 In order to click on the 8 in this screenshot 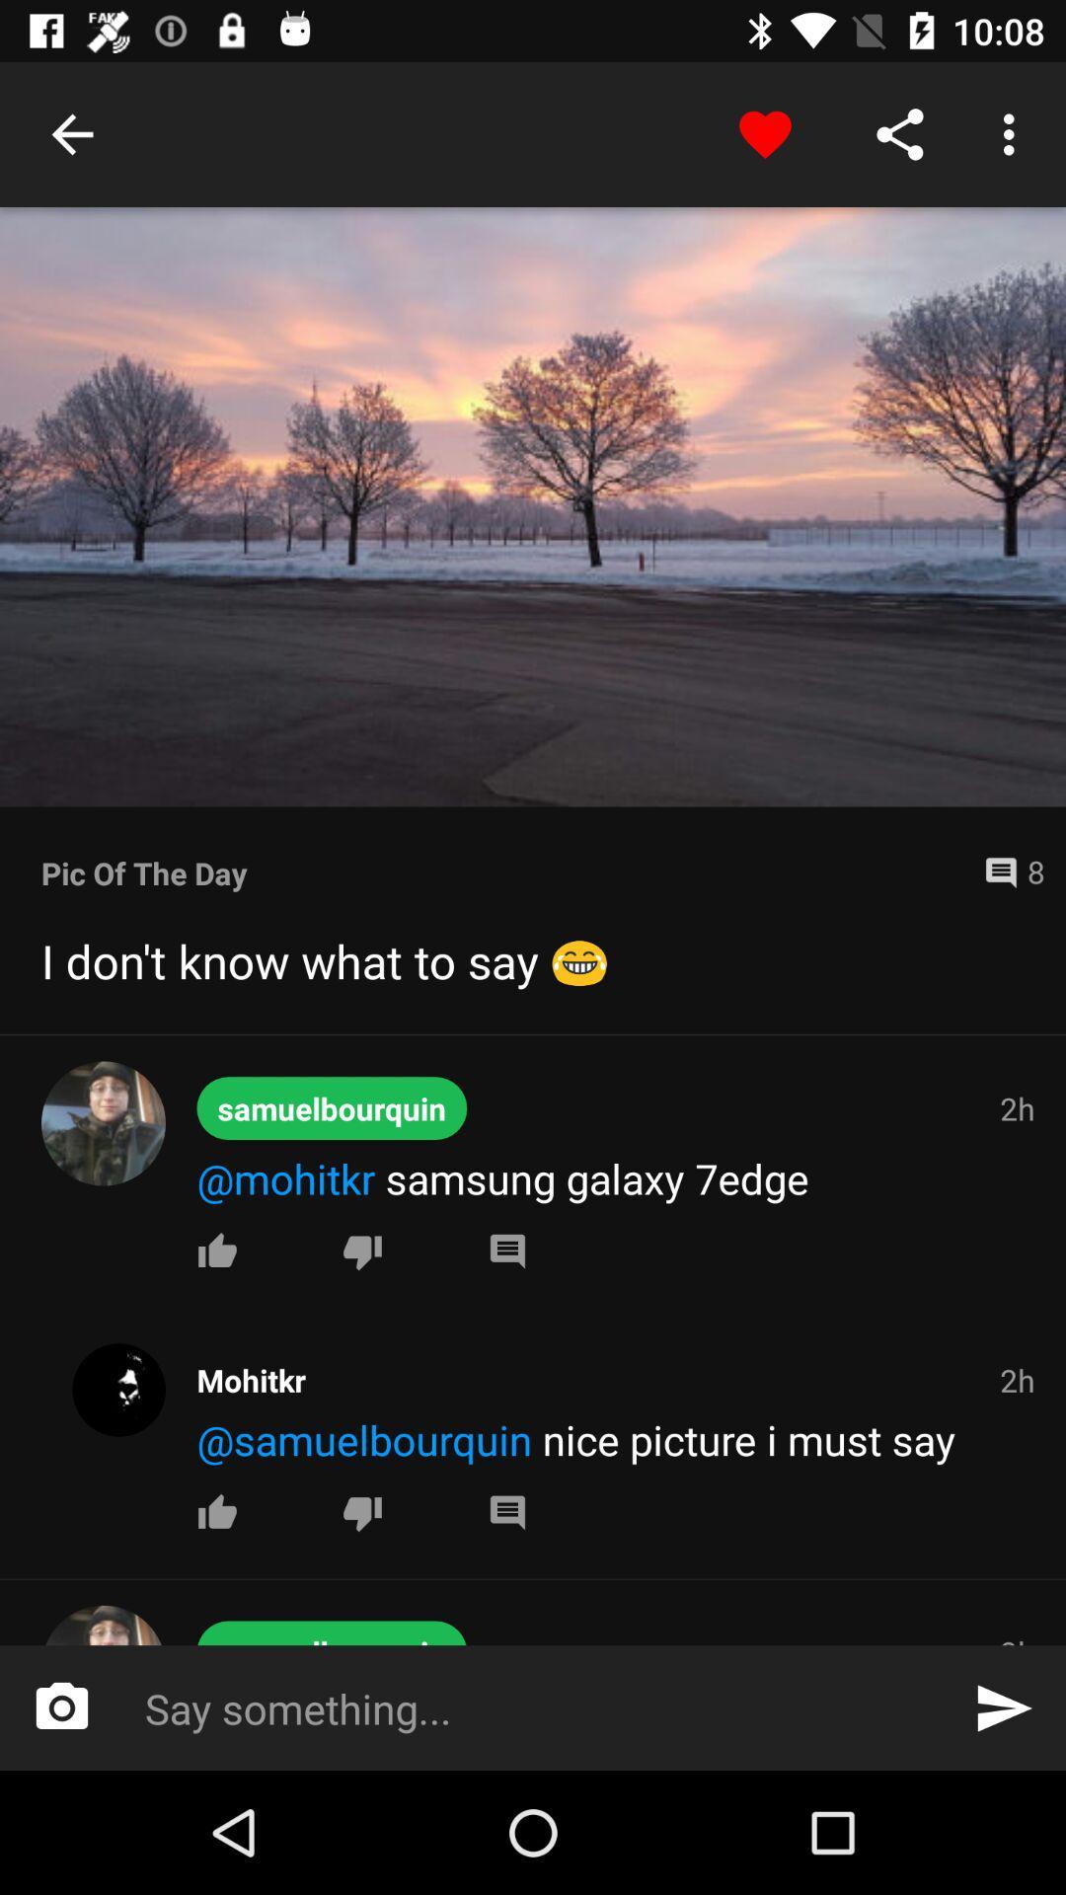, I will do `click(1006, 872)`.